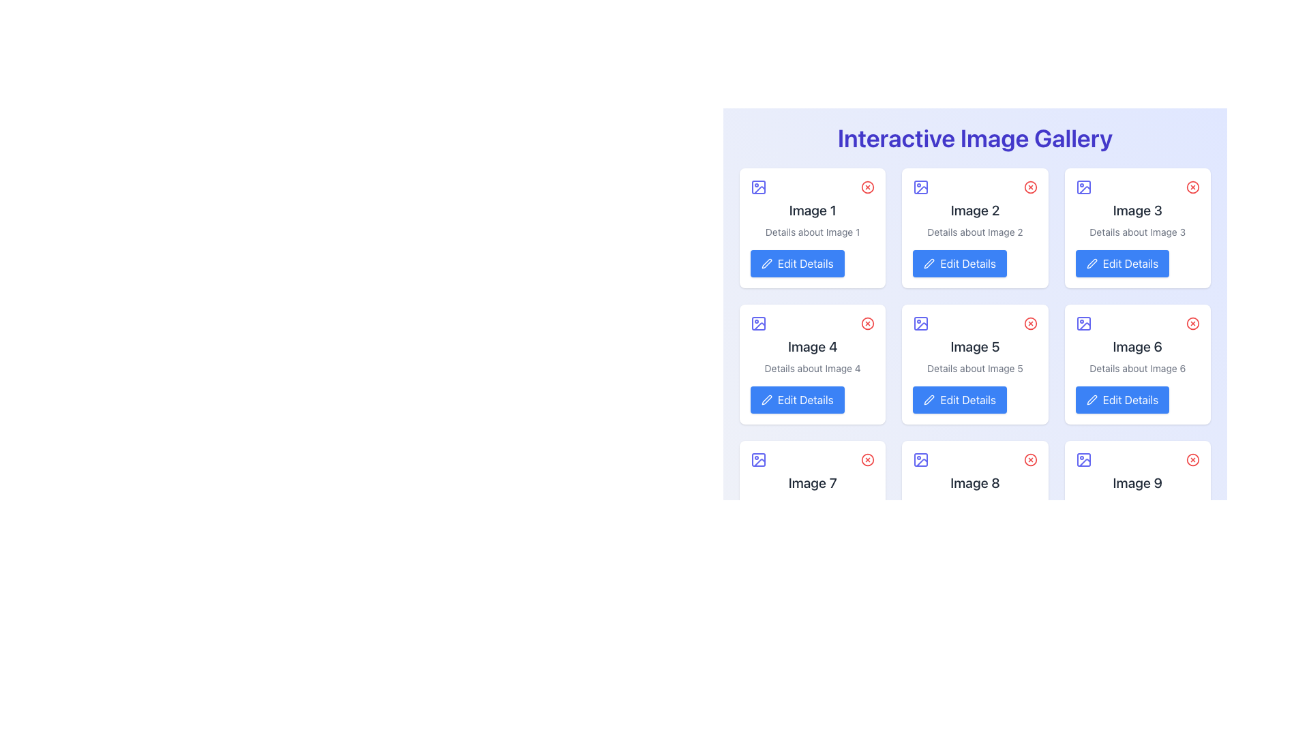 This screenshot has width=1309, height=736. I want to click on the icon representing 'Image 2' located in the top-left corner of its card adjacent to the title text, so click(921, 187).